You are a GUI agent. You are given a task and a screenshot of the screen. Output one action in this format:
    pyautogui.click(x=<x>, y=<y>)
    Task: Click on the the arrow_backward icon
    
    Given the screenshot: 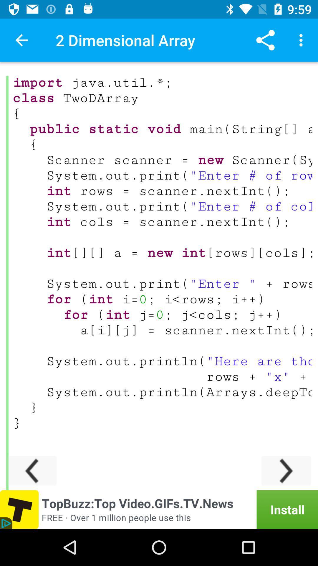 What is the action you would take?
    pyautogui.click(x=32, y=470)
    